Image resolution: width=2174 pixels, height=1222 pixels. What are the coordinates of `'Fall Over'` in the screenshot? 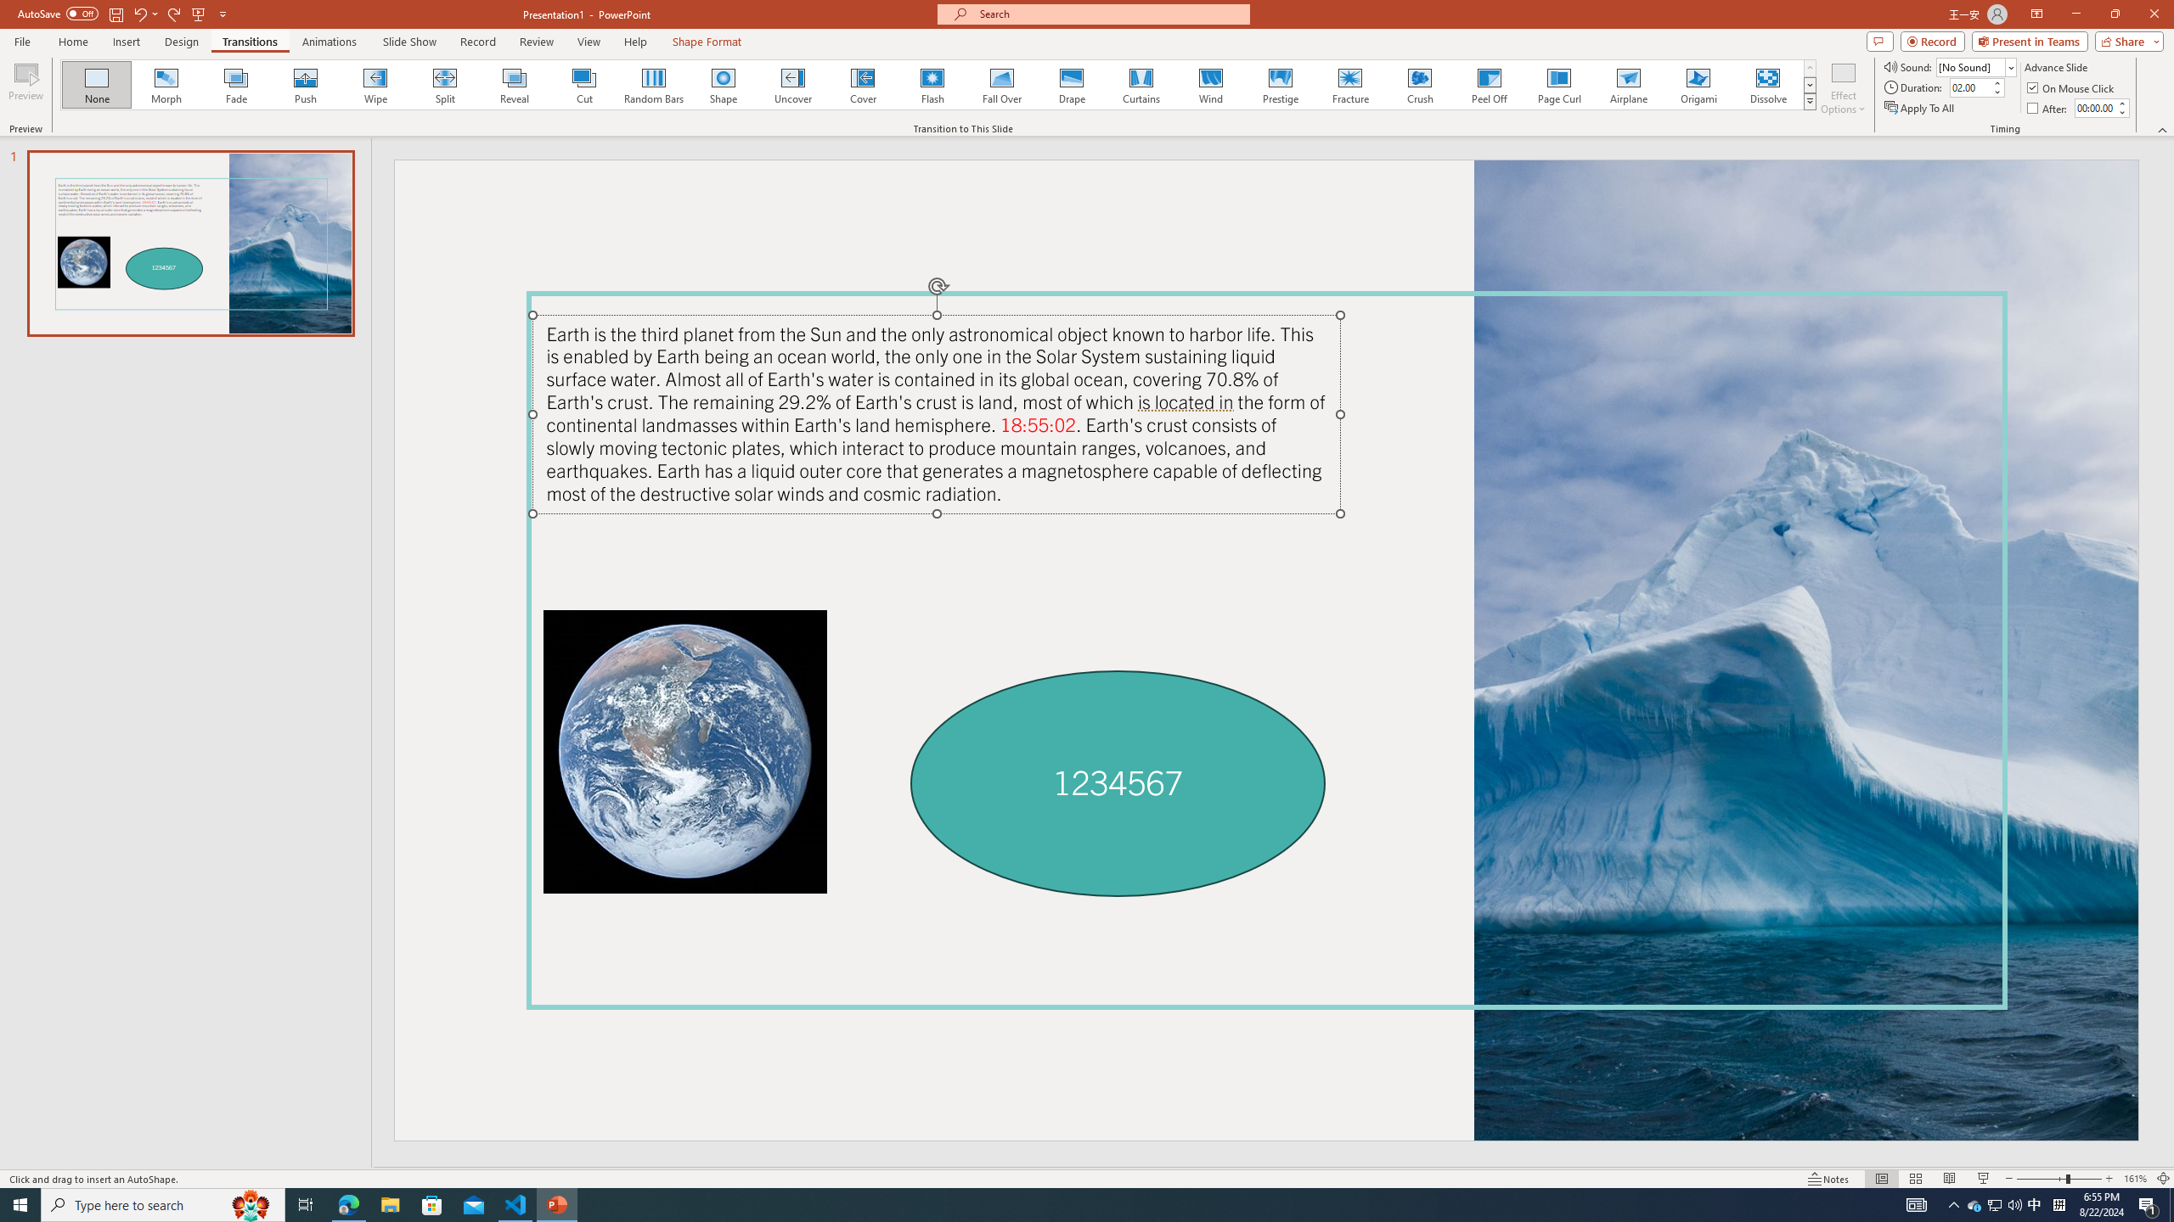 It's located at (1001, 84).